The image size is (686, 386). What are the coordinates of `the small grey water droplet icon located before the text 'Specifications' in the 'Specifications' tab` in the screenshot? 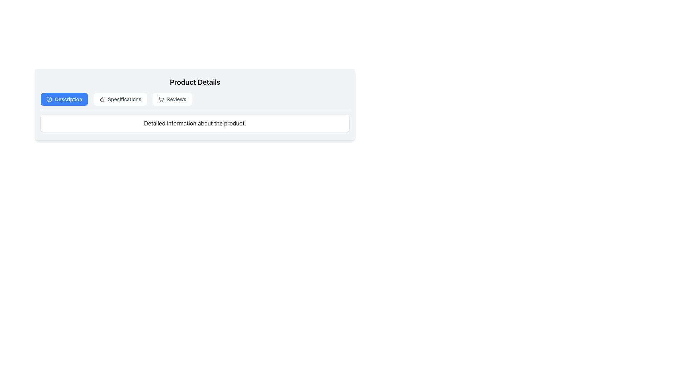 It's located at (101, 99).